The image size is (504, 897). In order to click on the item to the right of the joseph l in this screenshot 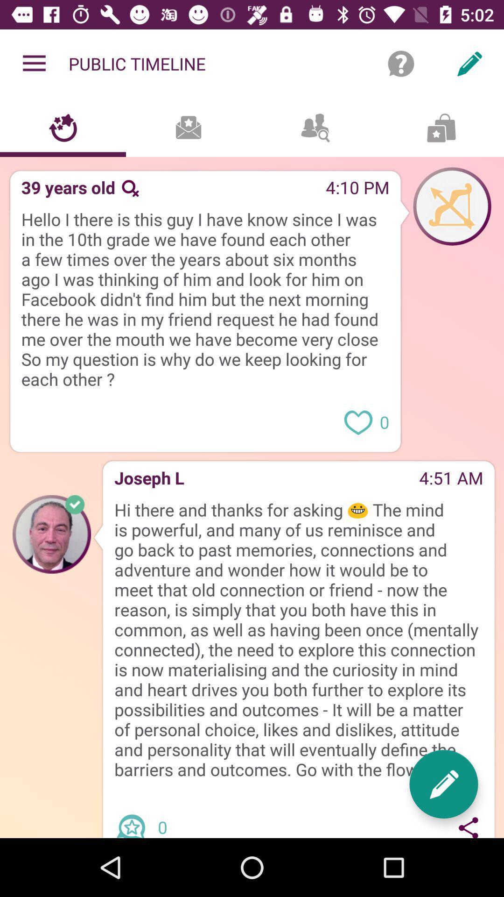, I will do `click(301, 481)`.